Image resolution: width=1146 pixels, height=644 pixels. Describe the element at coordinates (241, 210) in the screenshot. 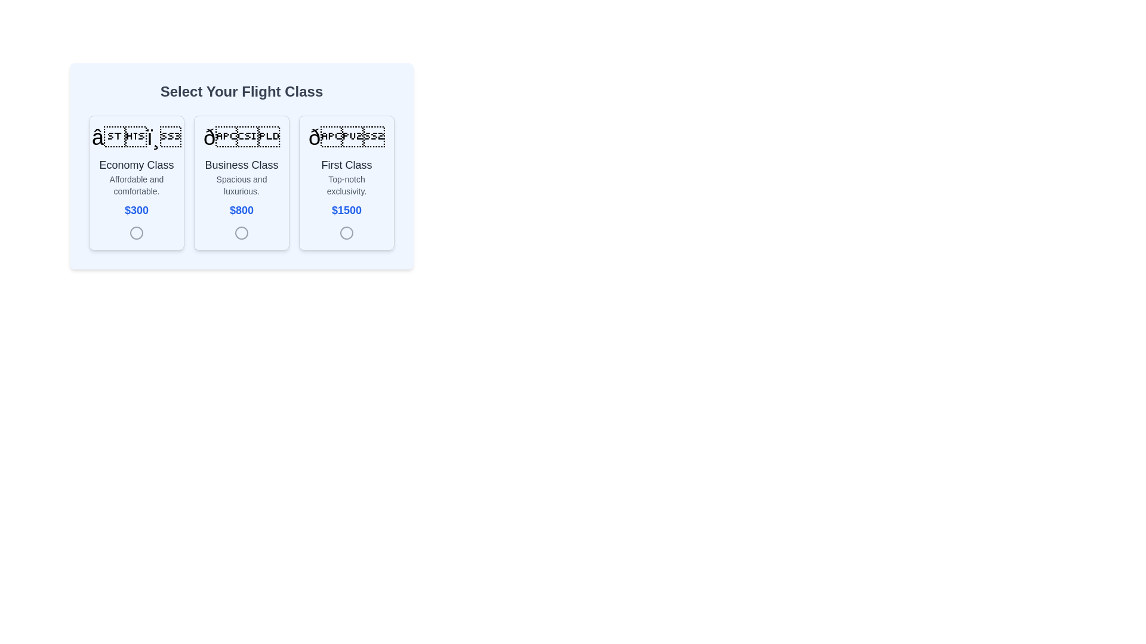

I see `the Text Label displaying the cost of the 'Business Class' option located in the center of the 'Business Class' card, below the description 'Spacious and luxurious.'` at that location.